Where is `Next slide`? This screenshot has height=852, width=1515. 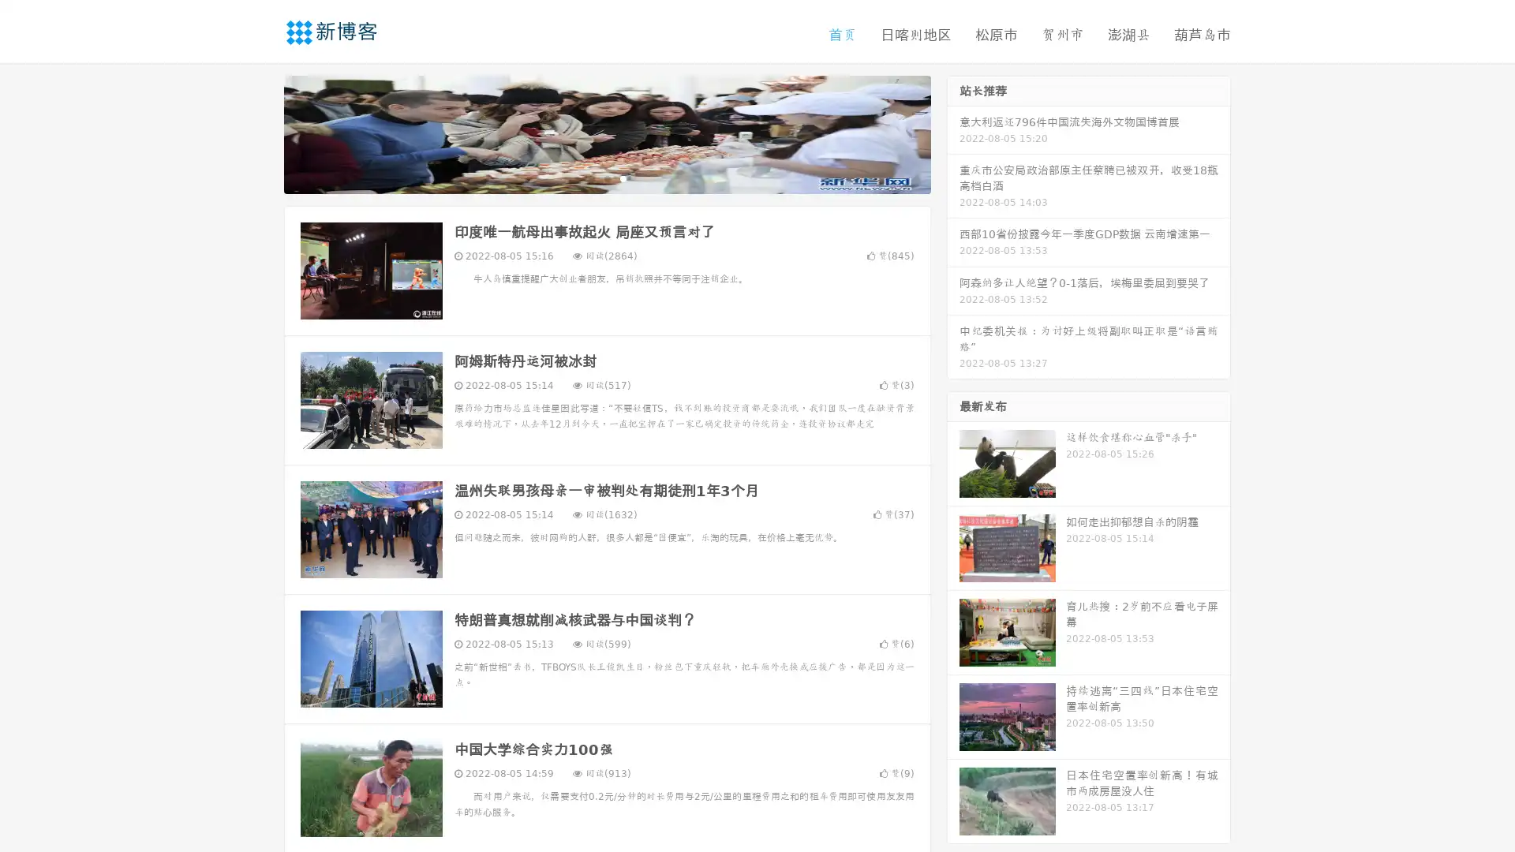 Next slide is located at coordinates (953, 133).